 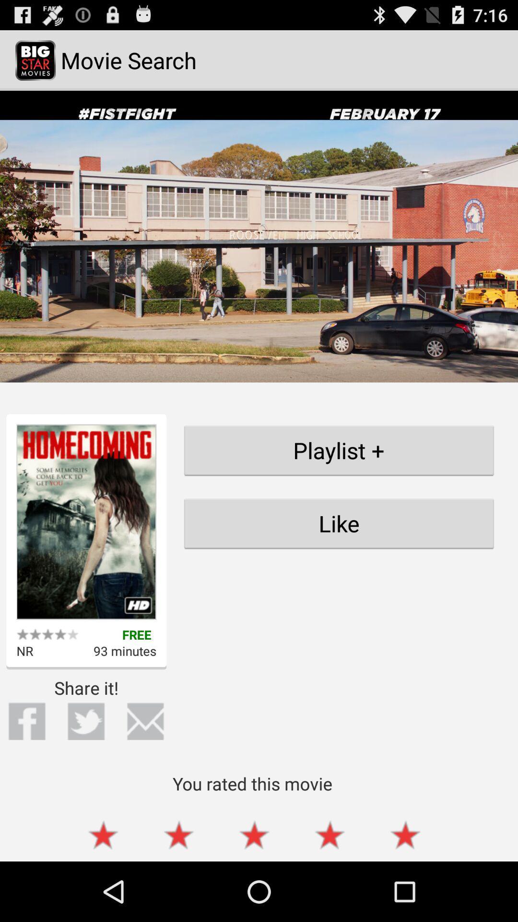 What do you see at coordinates (101, 894) in the screenshot?
I see `the star icon` at bounding box center [101, 894].